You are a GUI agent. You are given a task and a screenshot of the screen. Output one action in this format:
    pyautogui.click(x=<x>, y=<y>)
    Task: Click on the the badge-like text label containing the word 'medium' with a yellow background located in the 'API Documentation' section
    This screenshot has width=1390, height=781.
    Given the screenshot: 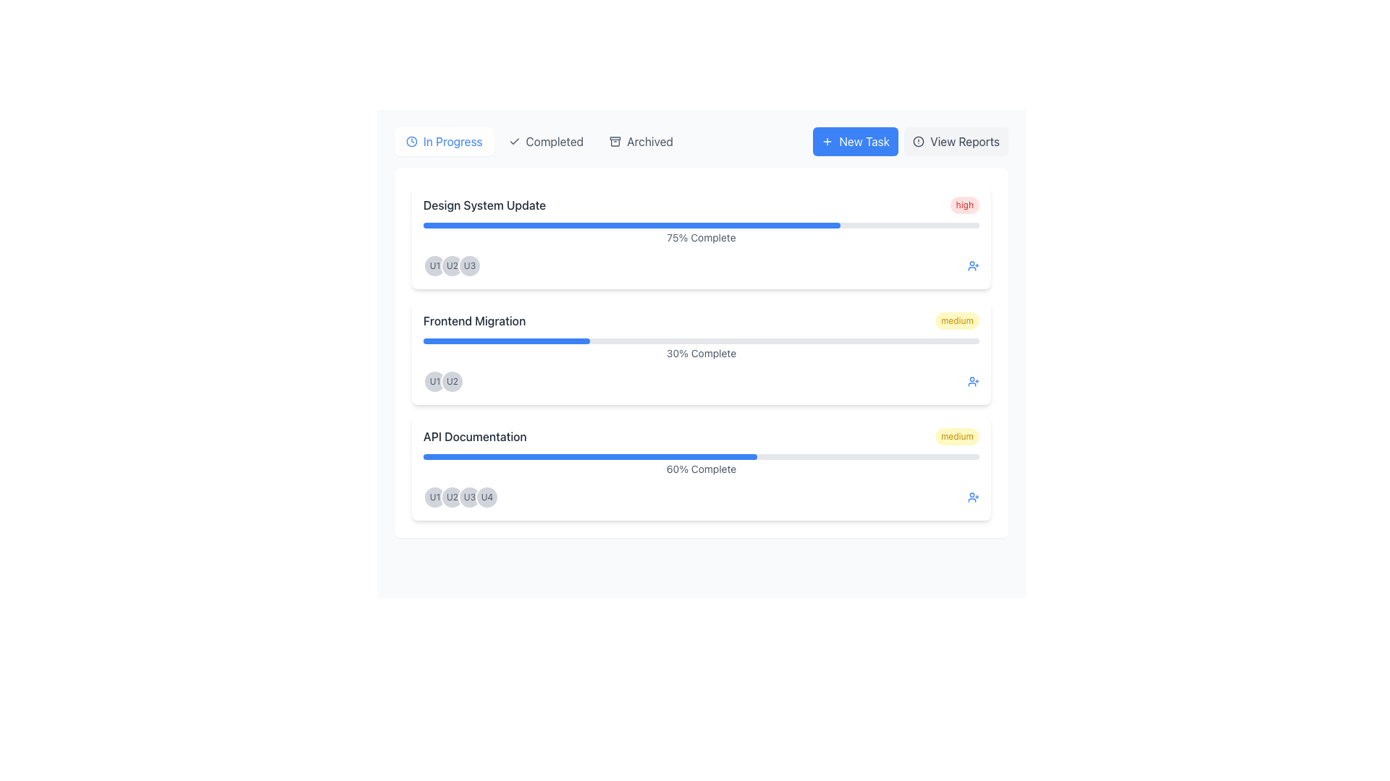 What is the action you would take?
    pyautogui.click(x=957, y=436)
    